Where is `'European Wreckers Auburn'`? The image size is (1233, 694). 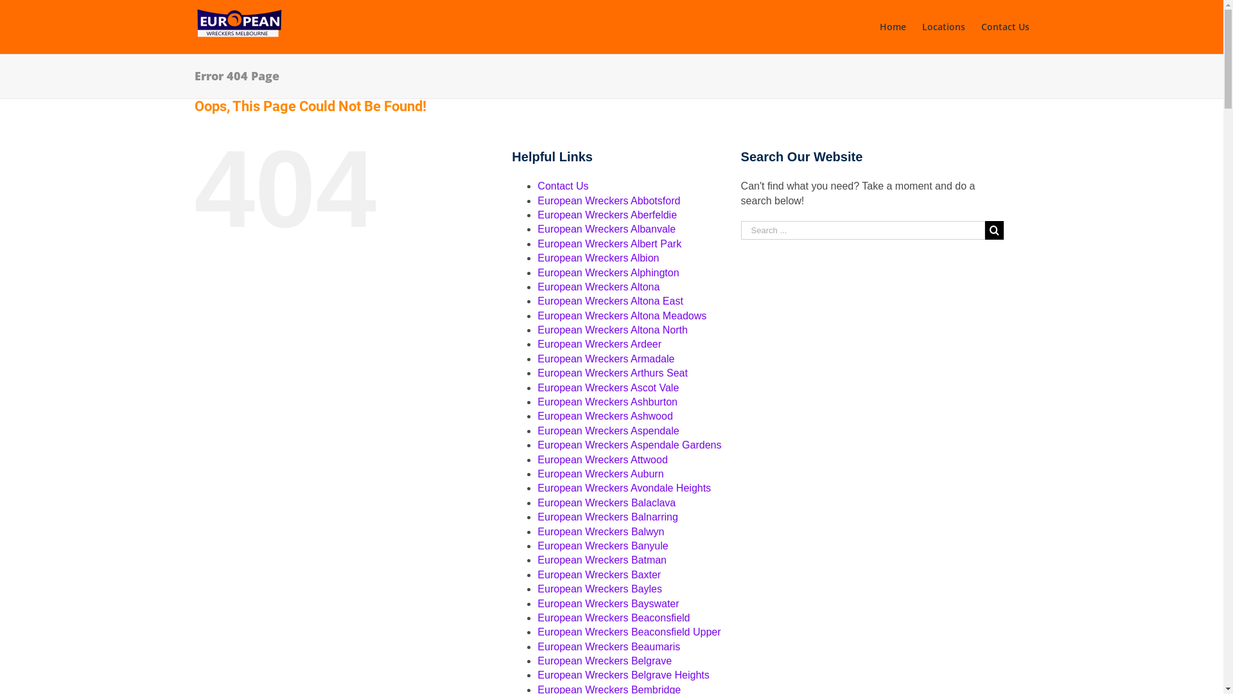 'European Wreckers Auburn' is located at coordinates (600, 474).